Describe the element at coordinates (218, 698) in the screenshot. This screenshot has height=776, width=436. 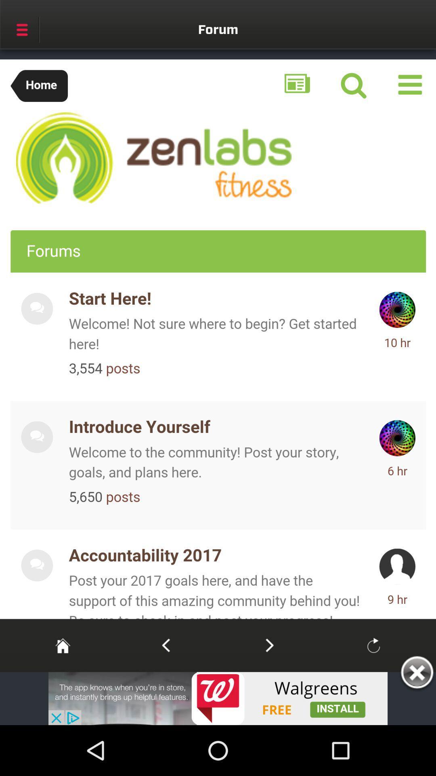
I see `advertisements image` at that location.